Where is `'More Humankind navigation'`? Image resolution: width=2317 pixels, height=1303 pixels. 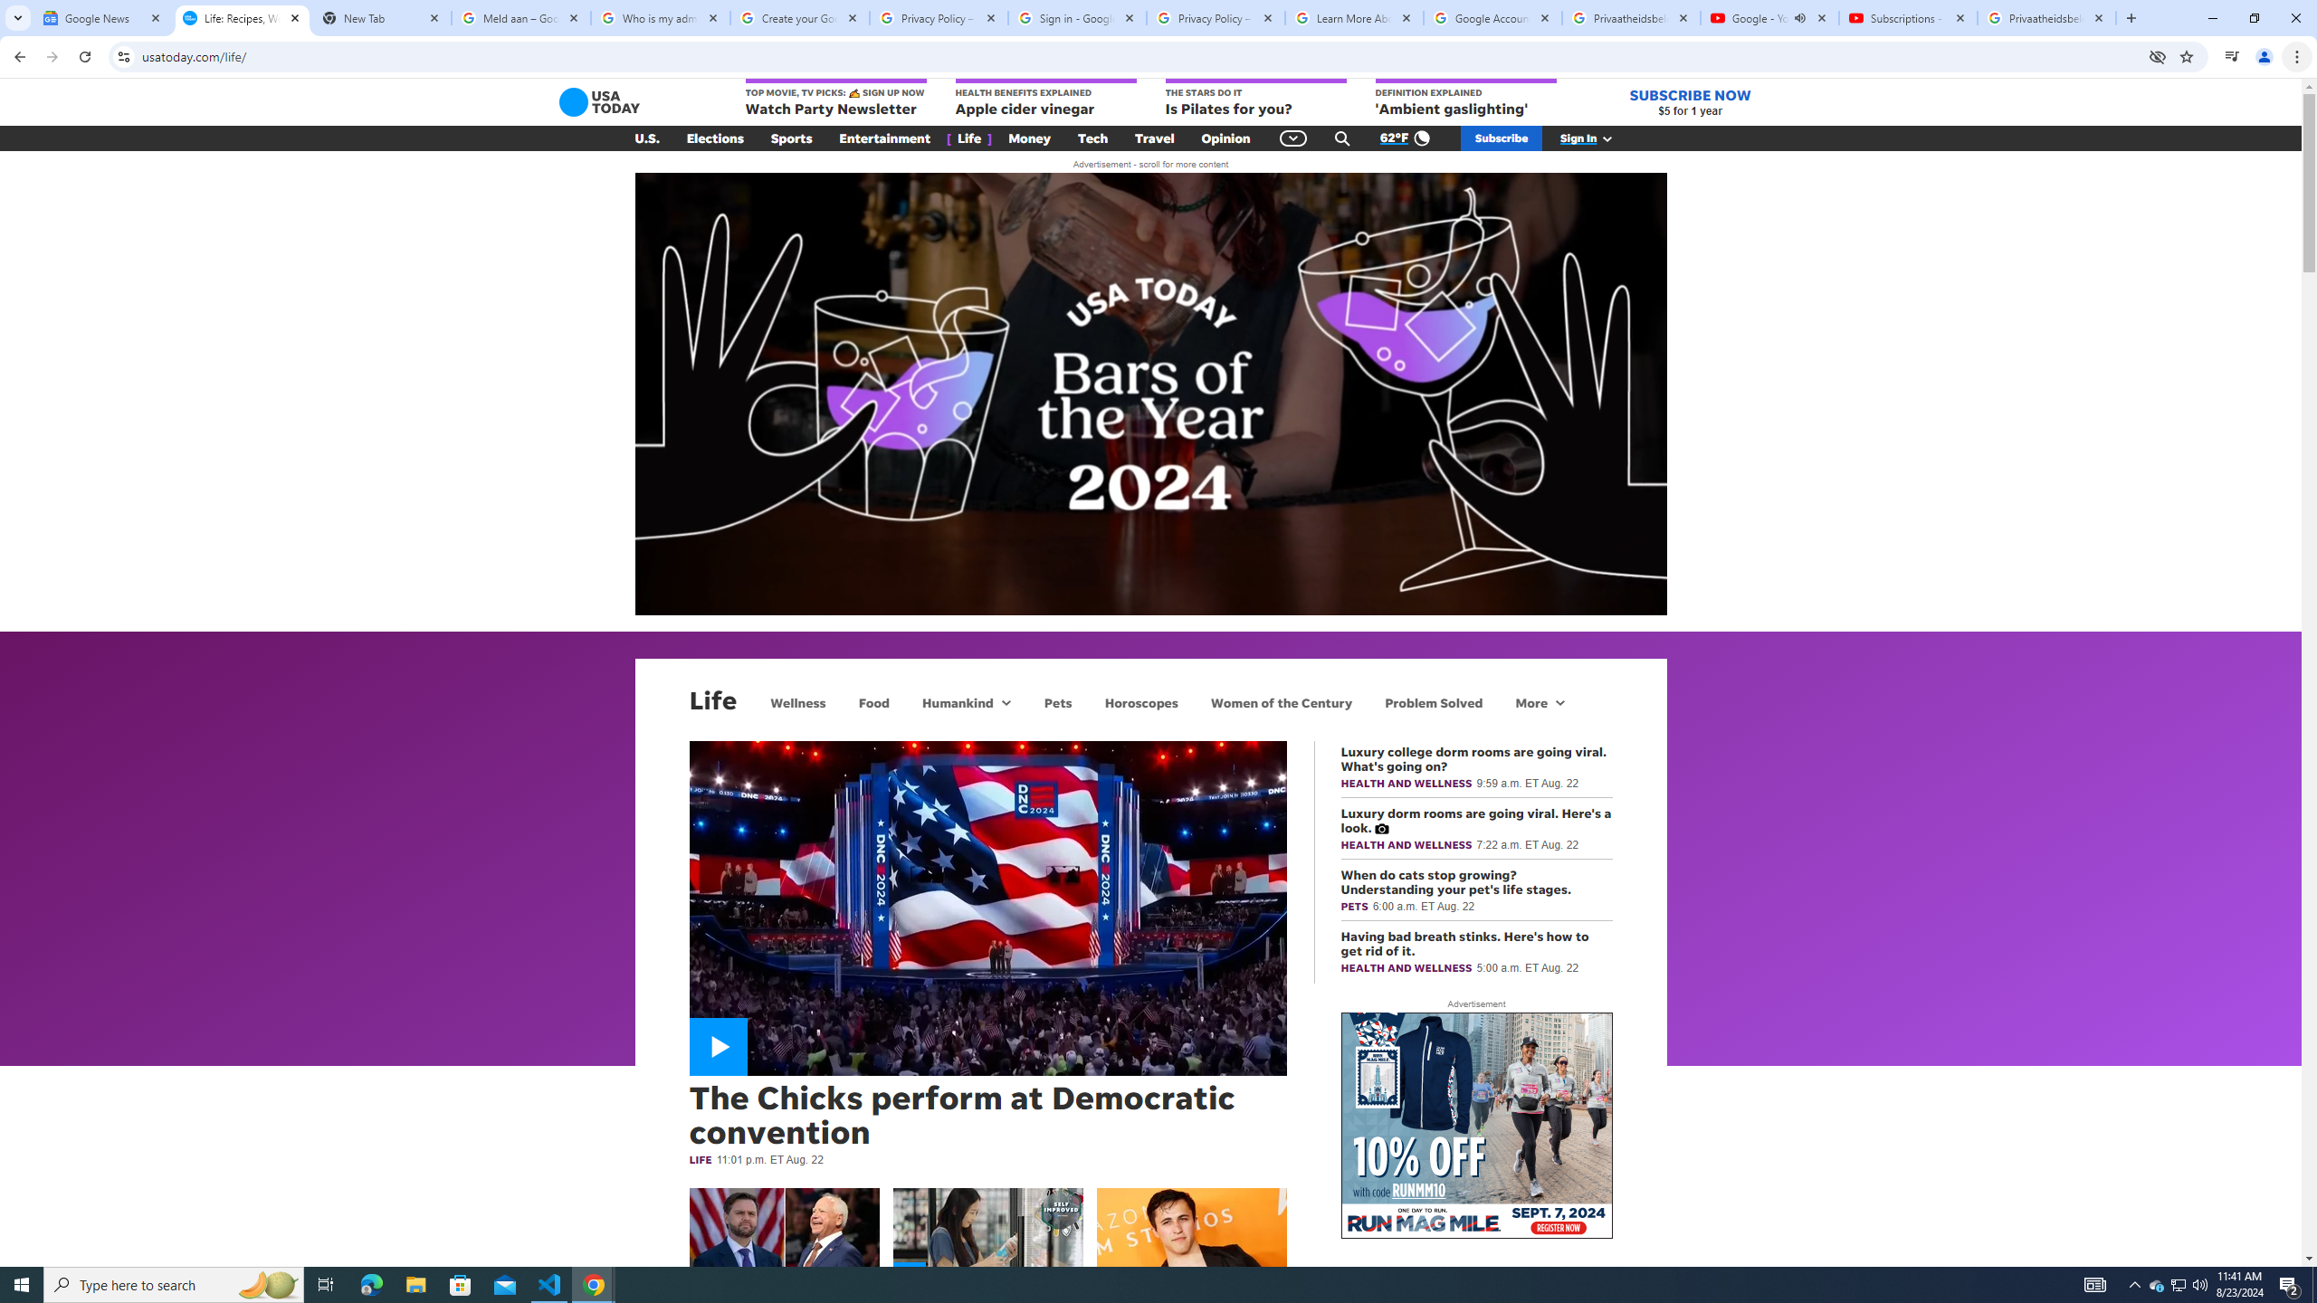 'More Humankind navigation' is located at coordinates (1005, 701).